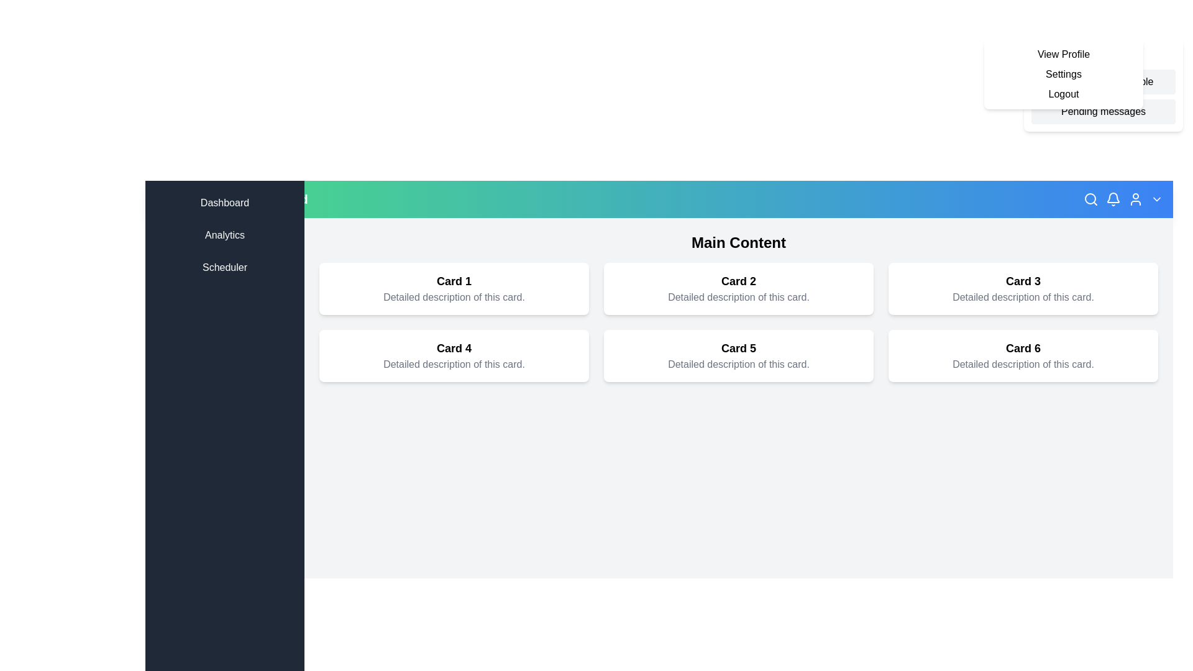 The image size is (1193, 671). What do you see at coordinates (739, 242) in the screenshot?
I see `the header text displaying 'Main Content', which is styled in bold and larger font, located at the top of the main content area beneath the header bar` at bounding box center [739, 242].